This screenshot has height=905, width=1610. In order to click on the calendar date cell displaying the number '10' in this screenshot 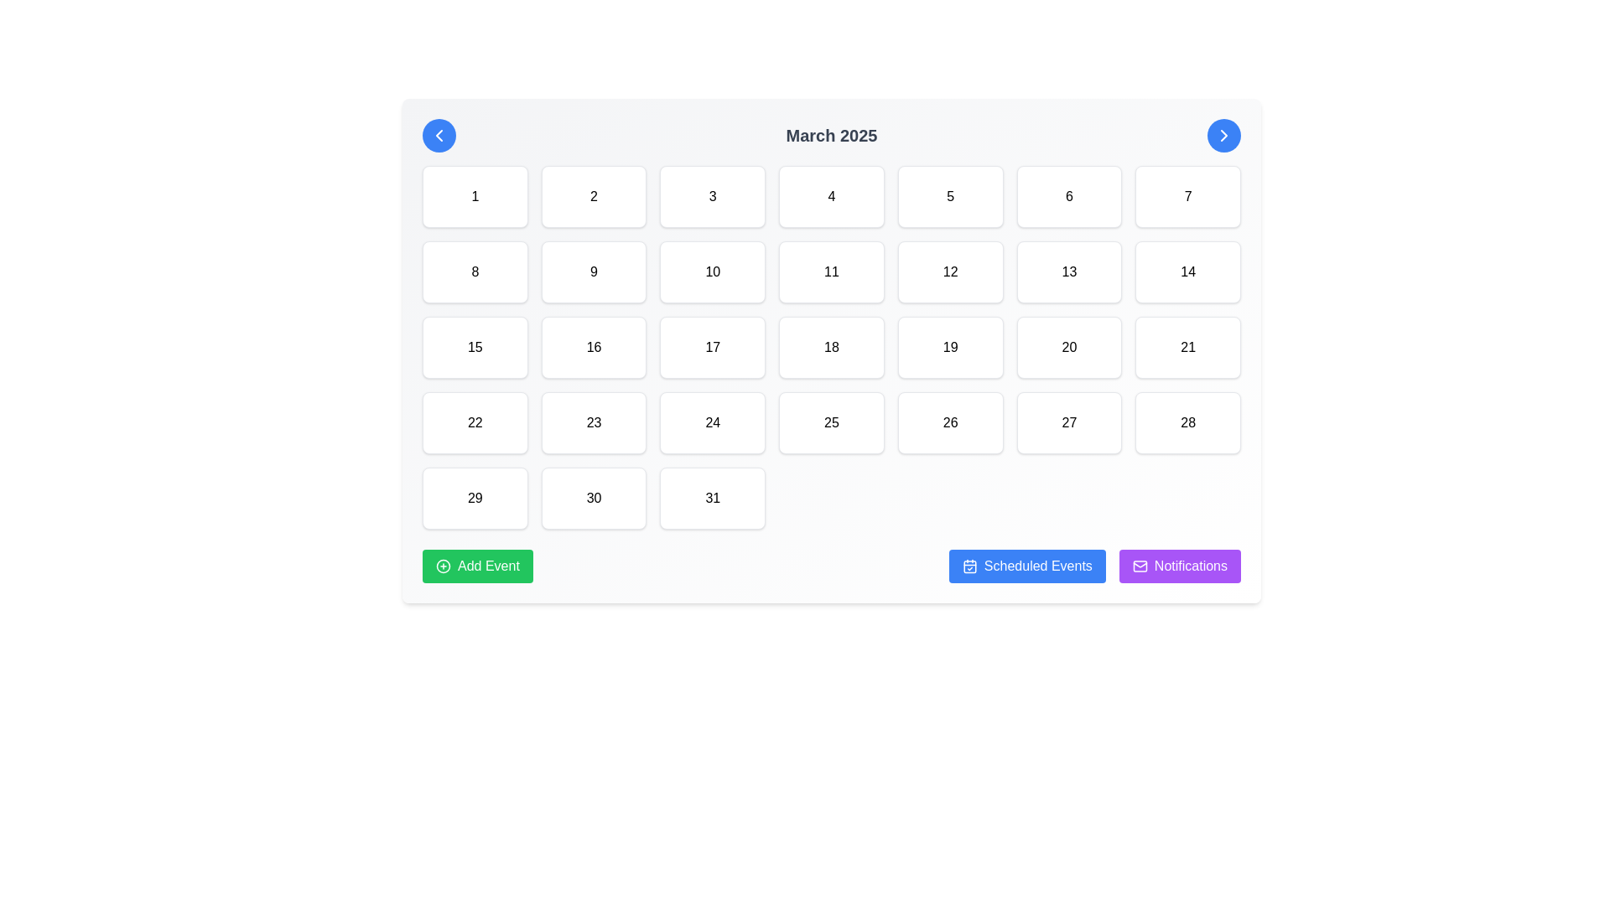, I will do `click(713, 271)`.